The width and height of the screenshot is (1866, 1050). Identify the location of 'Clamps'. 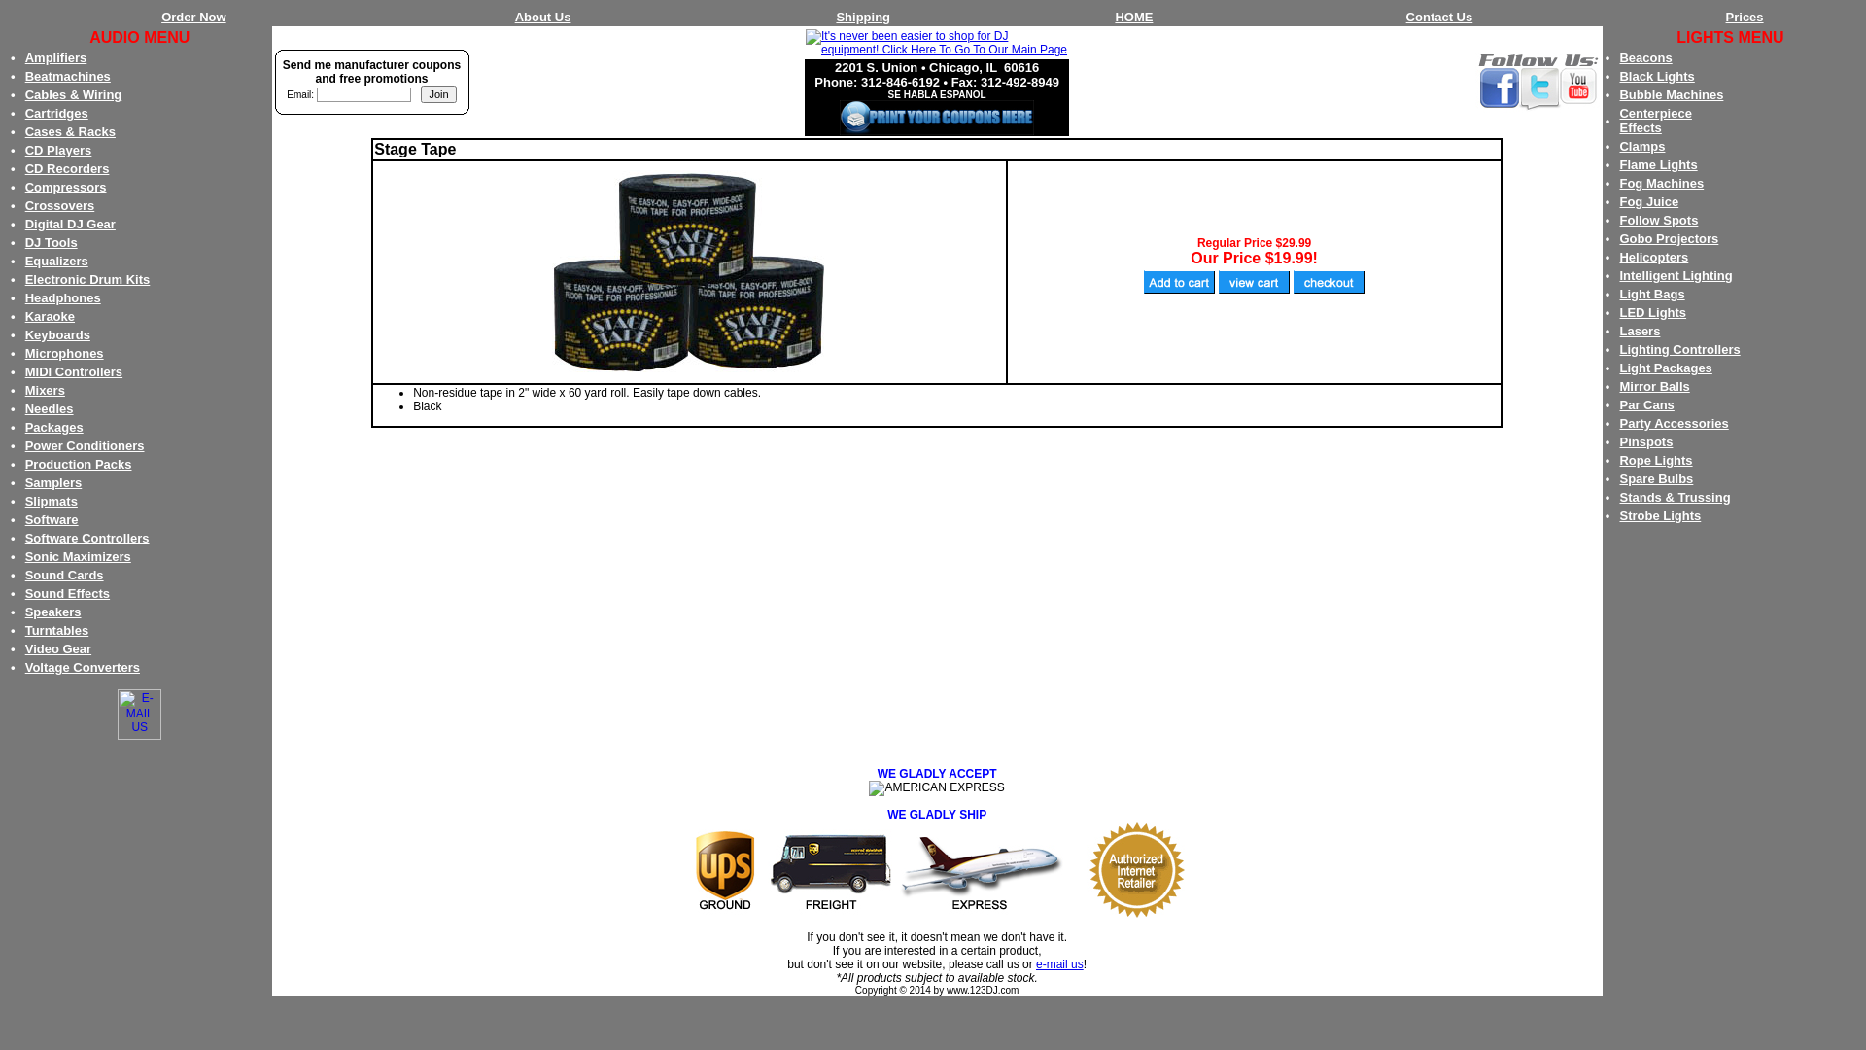
(1641, 145).